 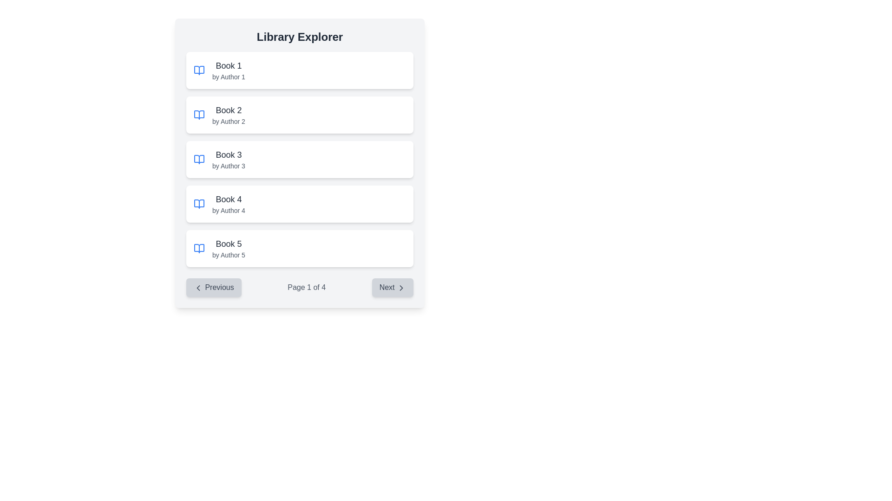 What do you see at coordinates (393, 287) in the screenshot?
I see `the 'Next' button located at the bottom-right corner of the pagination interface` at bounding box center [393, 287].